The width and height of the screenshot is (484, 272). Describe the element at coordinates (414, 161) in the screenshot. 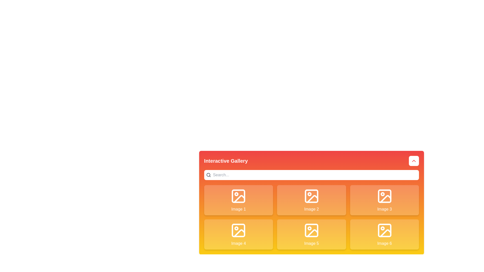

I see `the upward-pointing chevron icon located in the top-right corner of the interface` at that location.